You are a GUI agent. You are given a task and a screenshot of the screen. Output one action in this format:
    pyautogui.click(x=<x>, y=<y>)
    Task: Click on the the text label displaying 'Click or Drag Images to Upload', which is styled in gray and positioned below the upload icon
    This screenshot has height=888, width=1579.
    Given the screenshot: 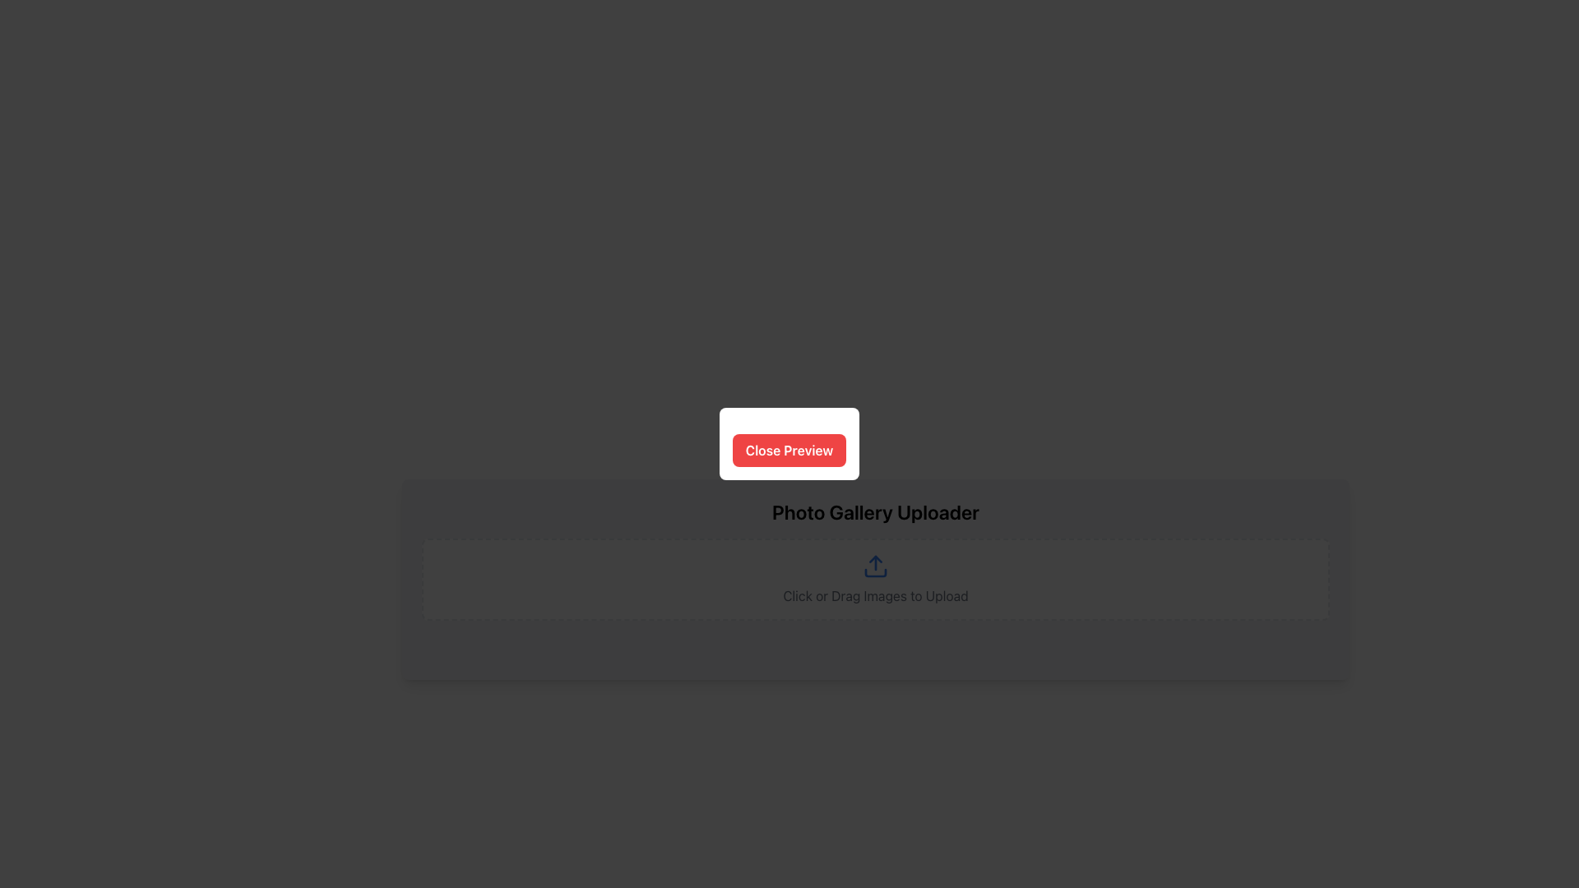 What is the action you would take?
    pyautogui.click(x=875, y=596)
    